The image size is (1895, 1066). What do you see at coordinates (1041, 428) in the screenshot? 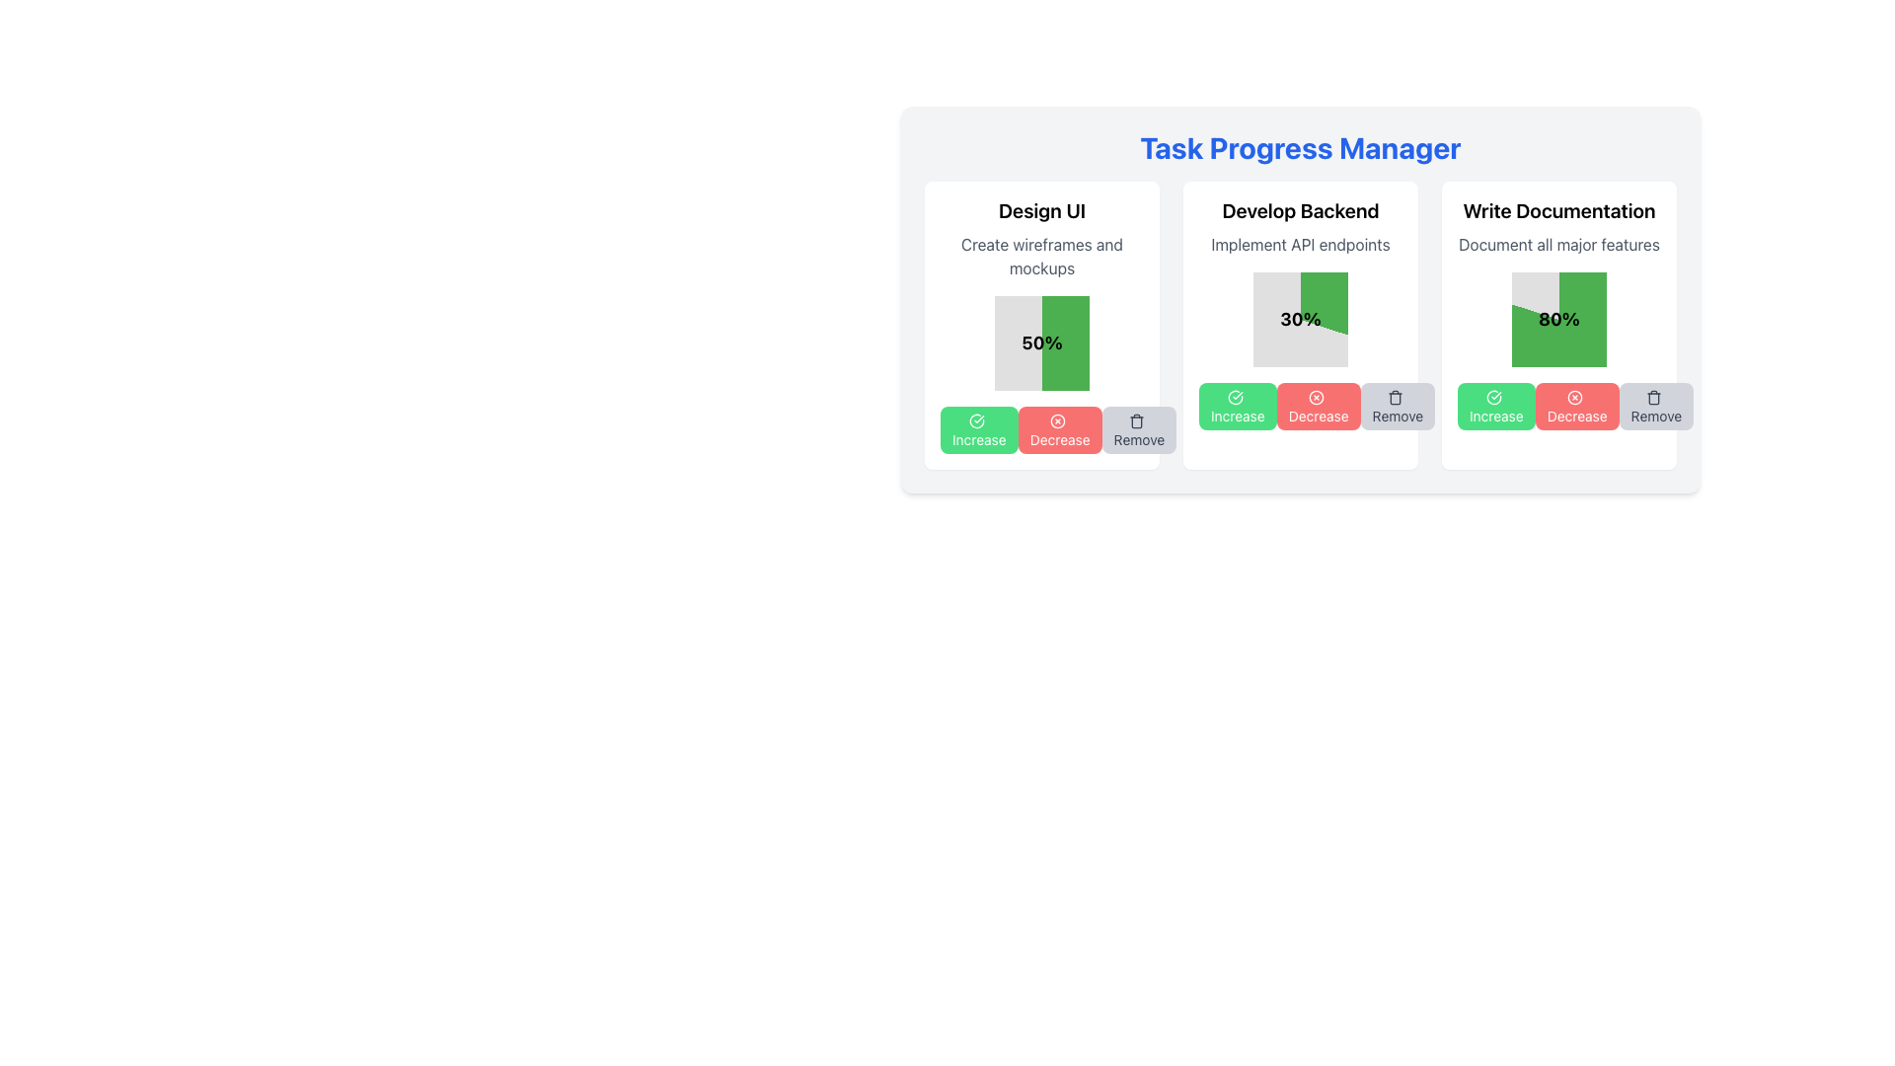
I see `the 'Decrease' button, which is a rectangular button with a red background and white text, positioned in the middle of three buttons ('Increase', 'Decrease', 'Remove') within the 'Design UI' card` at bounding box center [1041, 428].